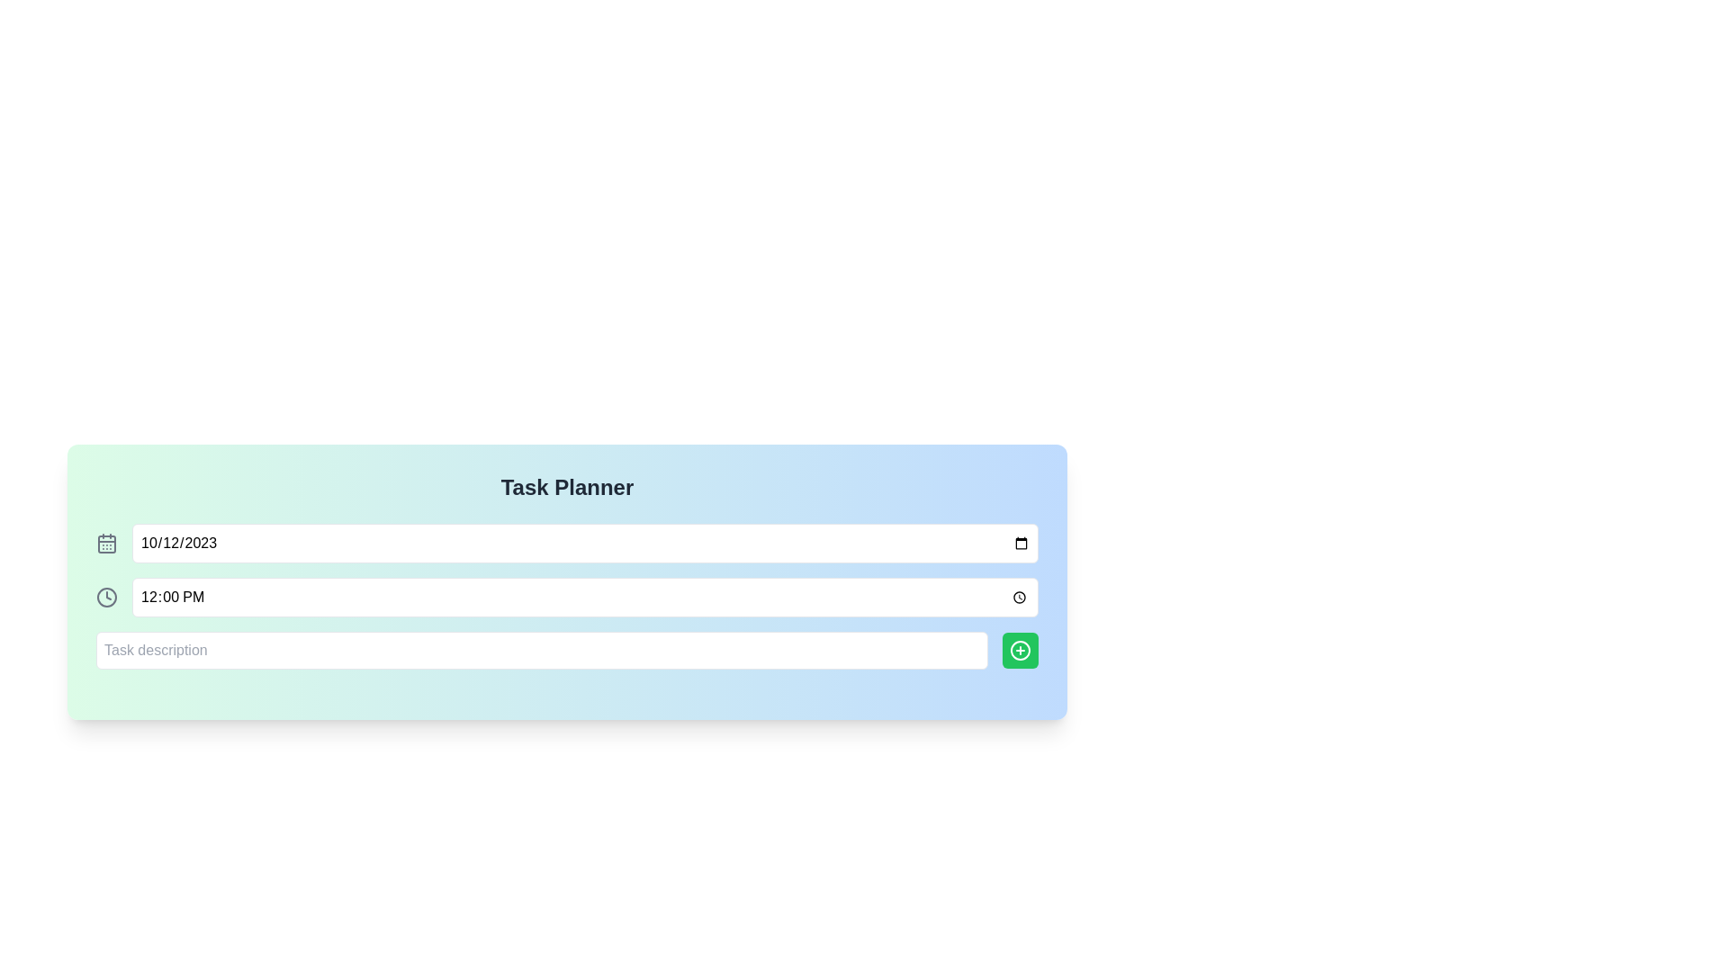 This screenshot has width=1728, height=972. What do you see at coordinates (1020, 650) in the screenshot?
I see `the circular green button with a white plus symbol to observe the hover effect` at bounding box center [1020, 650].